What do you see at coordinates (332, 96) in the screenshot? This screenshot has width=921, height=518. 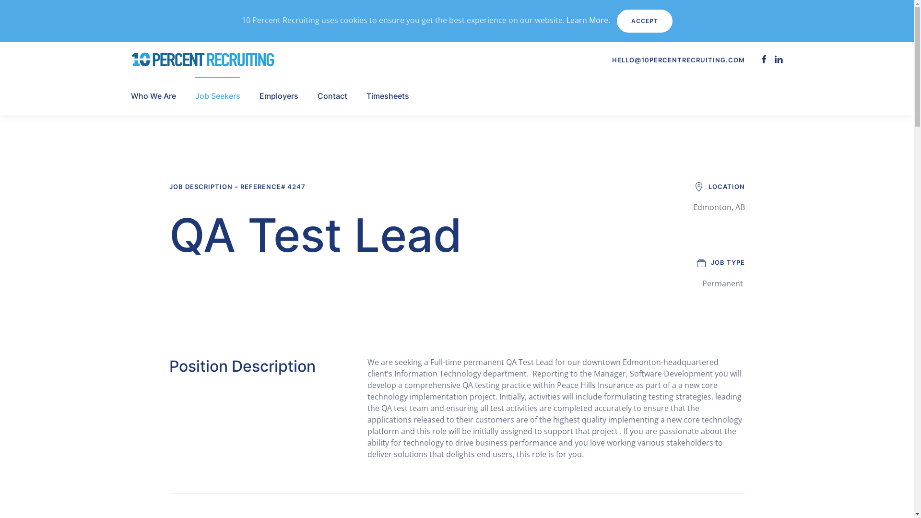 I see `'Contact'` at bounding box center [332, 96].